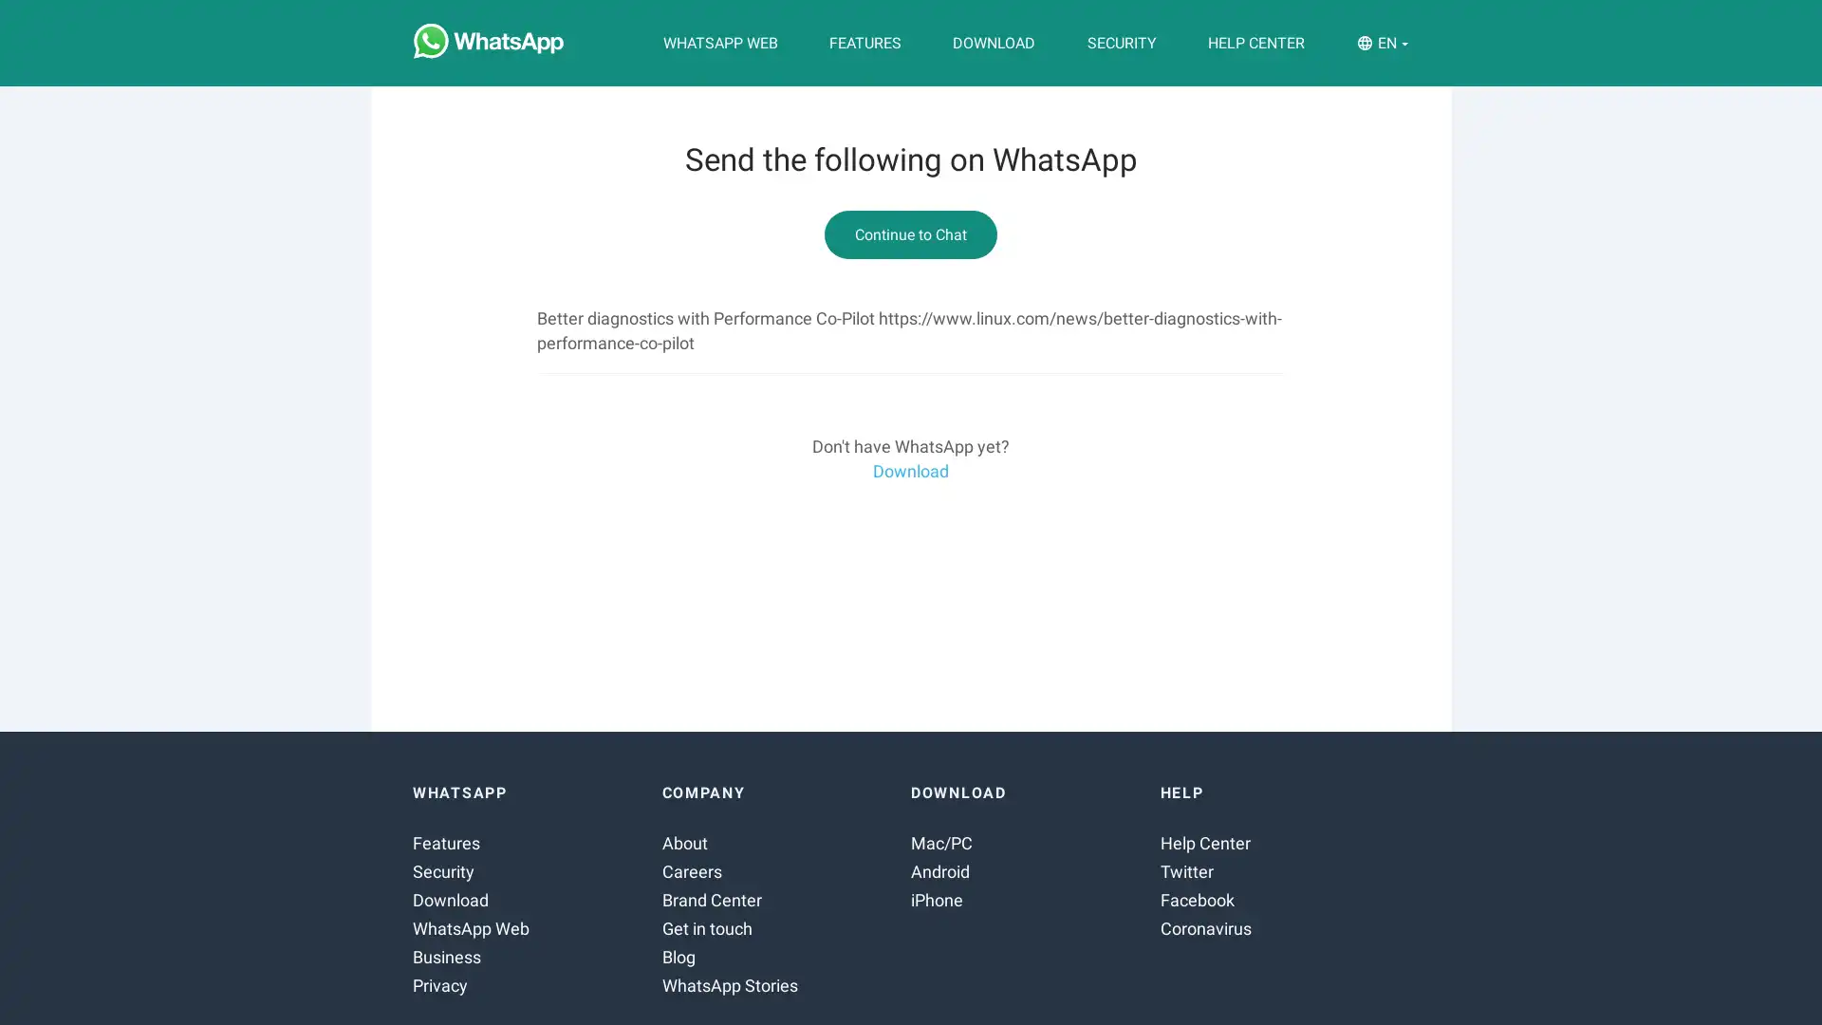  I want to click on EN, so click(1383, 43).